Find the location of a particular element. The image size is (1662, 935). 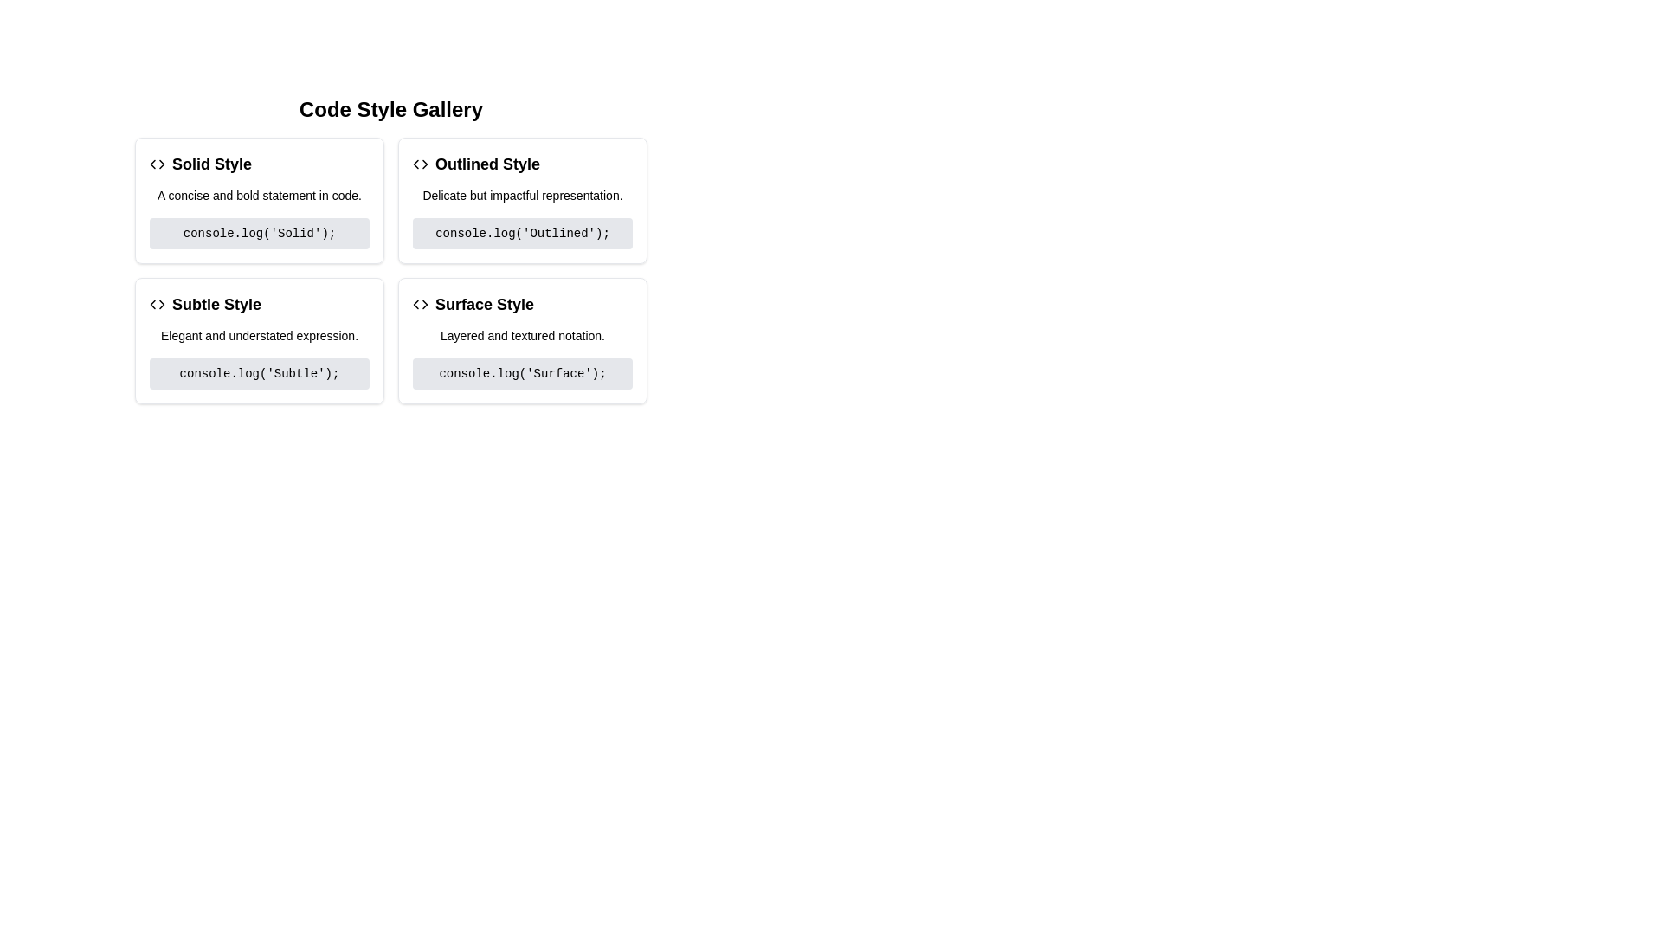

information and code snippet from the Information Card labeled 'Surface Style', which is located in the bottom-right corner of the grid layout is located at coordinates (522, 340).